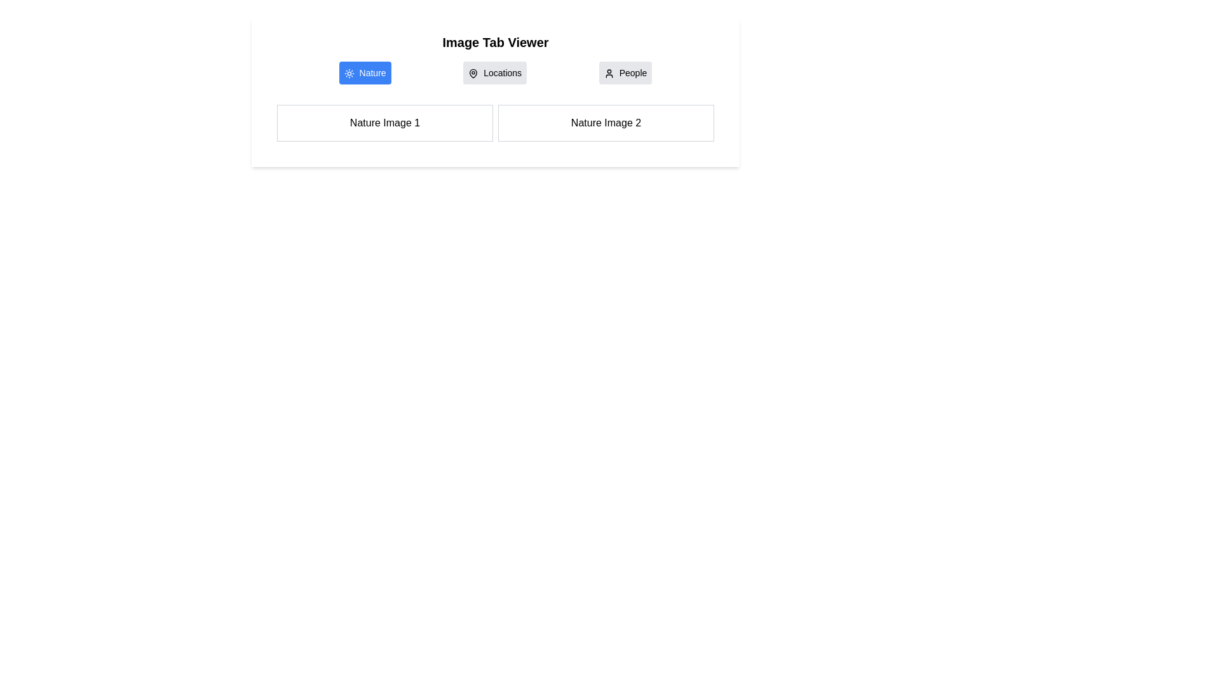 Image resolution: width=1220 pixels, height=686 pixels. What do you see at coordinates (494, 73) in the screenshot?
I see `the 'Locations' button, which is the second button in a horizontal group of three buttons ('Nature', 'Locations', 'People'), to trigger any additional actions it may support` at bounding box center [494, 73].